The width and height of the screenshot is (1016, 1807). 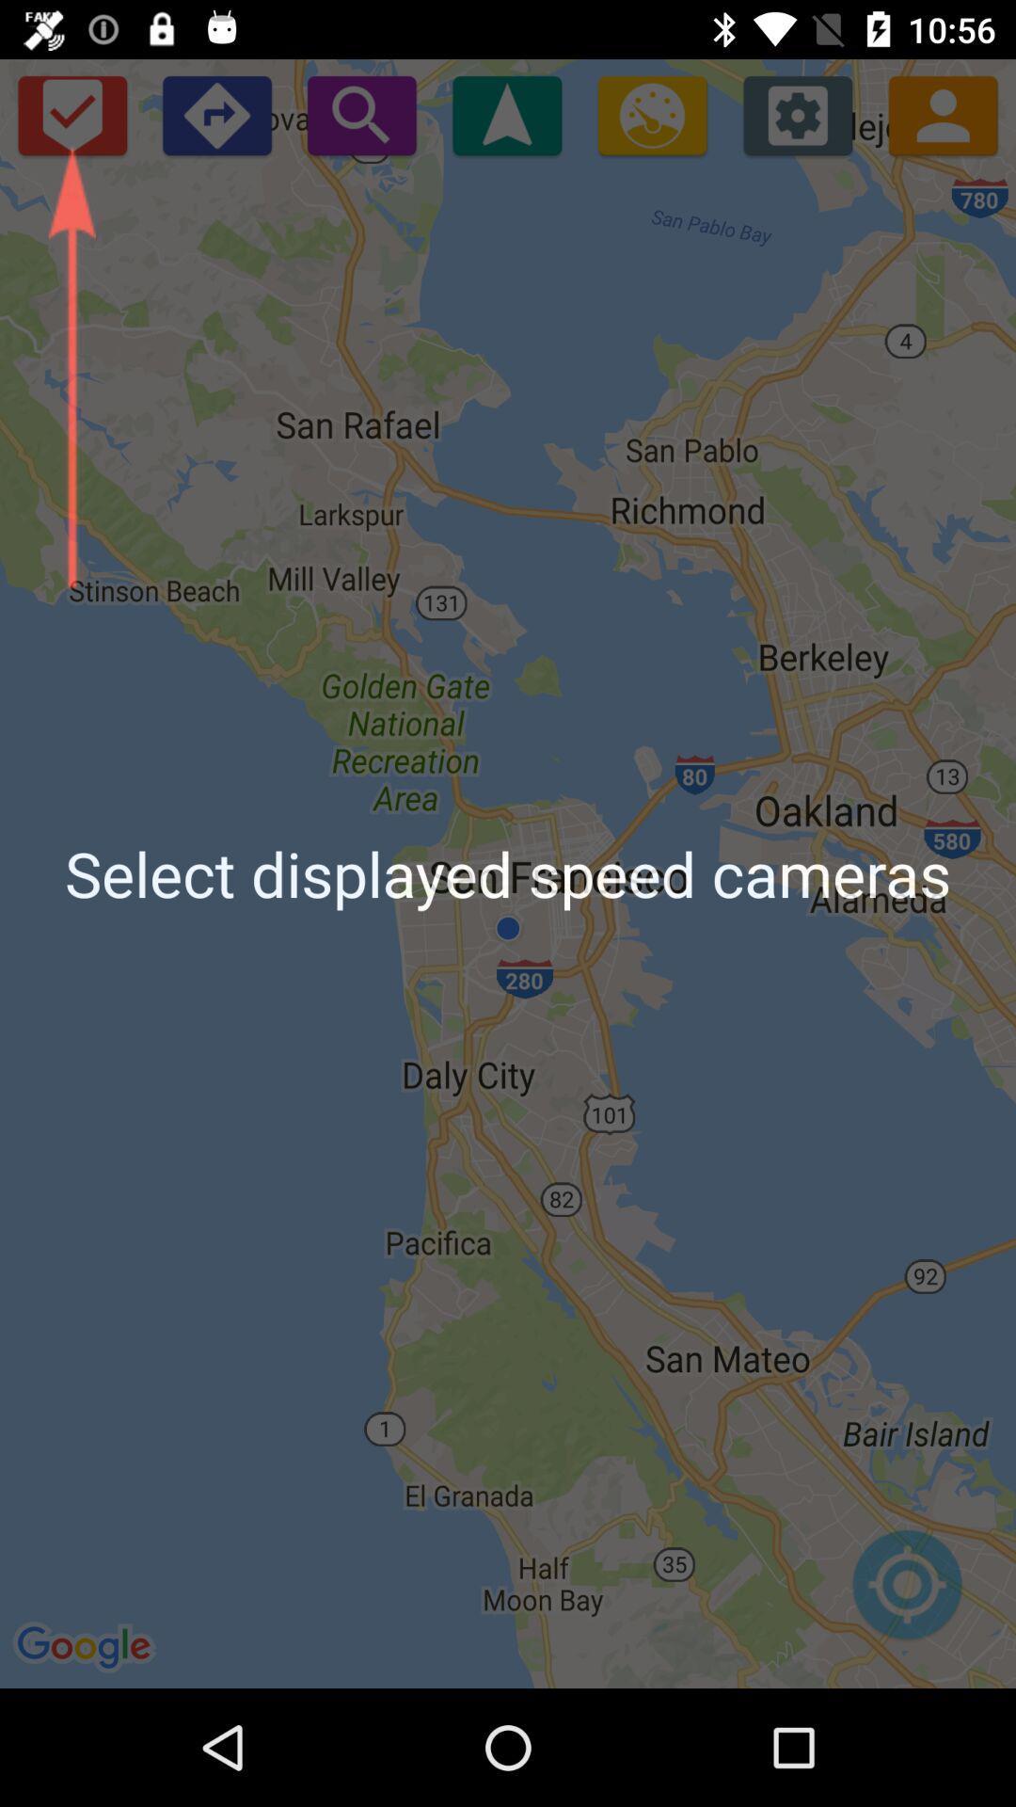 What do you see at coordinates (906, 1593) in the screenshot?
I see `zoom to current location` at bounding box center [906, 1593].